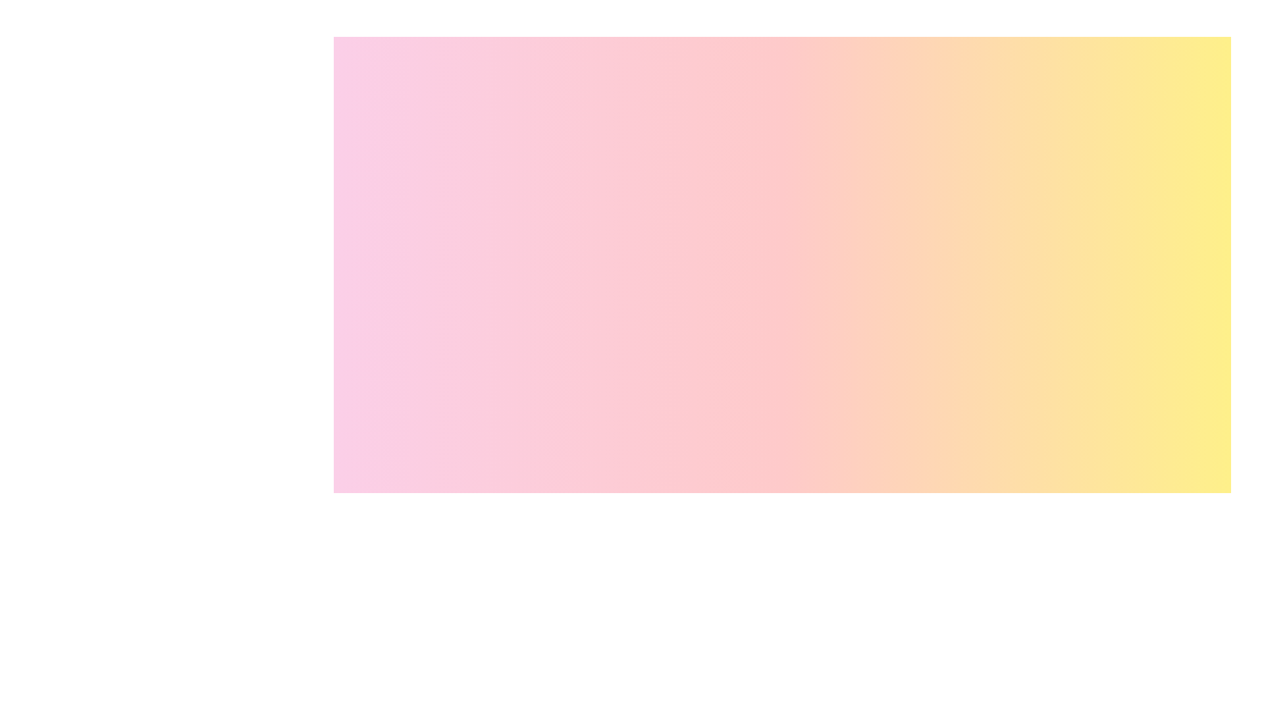  What do you see at coordinates (1209, 586) in the screenshot?
I see `the menu item Favorites from the ExploreSpeedDial component` at bounding box center [1209, 586].